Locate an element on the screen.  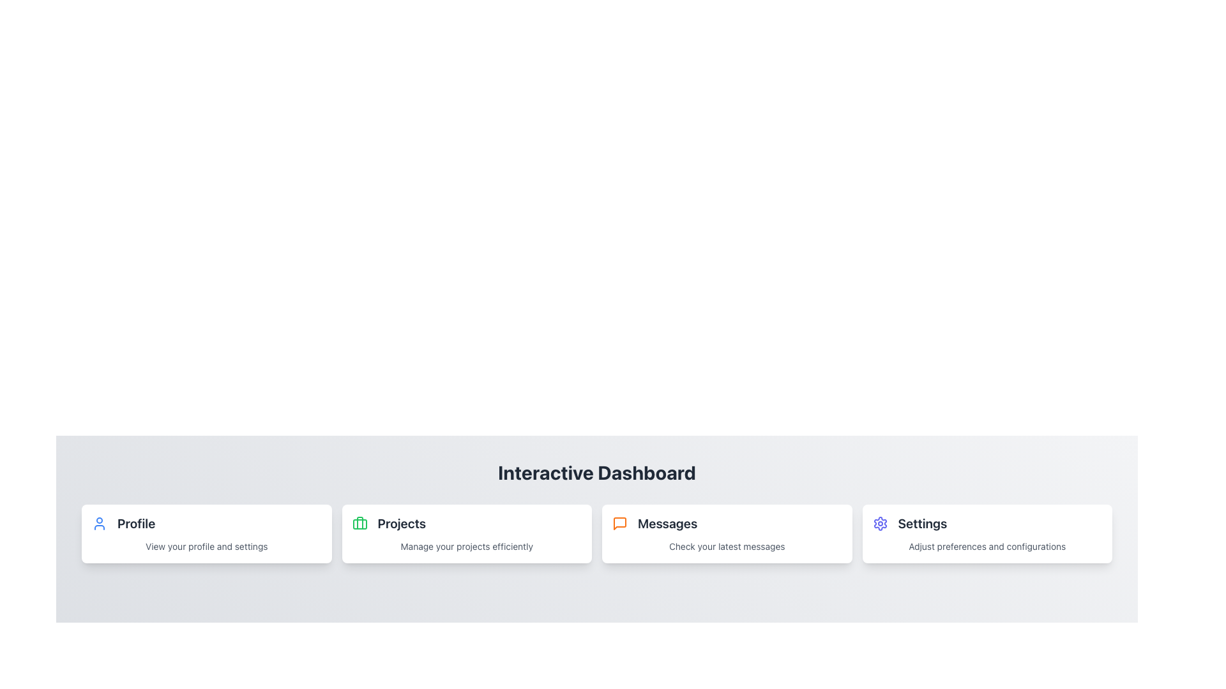
the settings icon, which is a gear-like SVG element outlined in indigo is located at coordinates (879, 524).